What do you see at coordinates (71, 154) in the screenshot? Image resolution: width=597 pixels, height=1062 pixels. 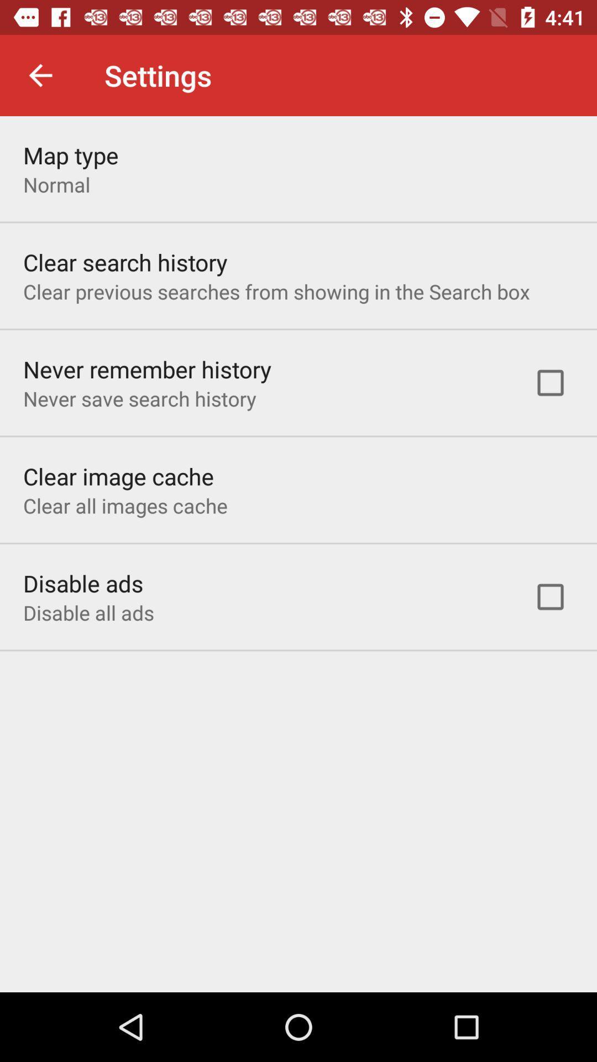 I see `item above the normal icon` at bounding box center [71, 154].